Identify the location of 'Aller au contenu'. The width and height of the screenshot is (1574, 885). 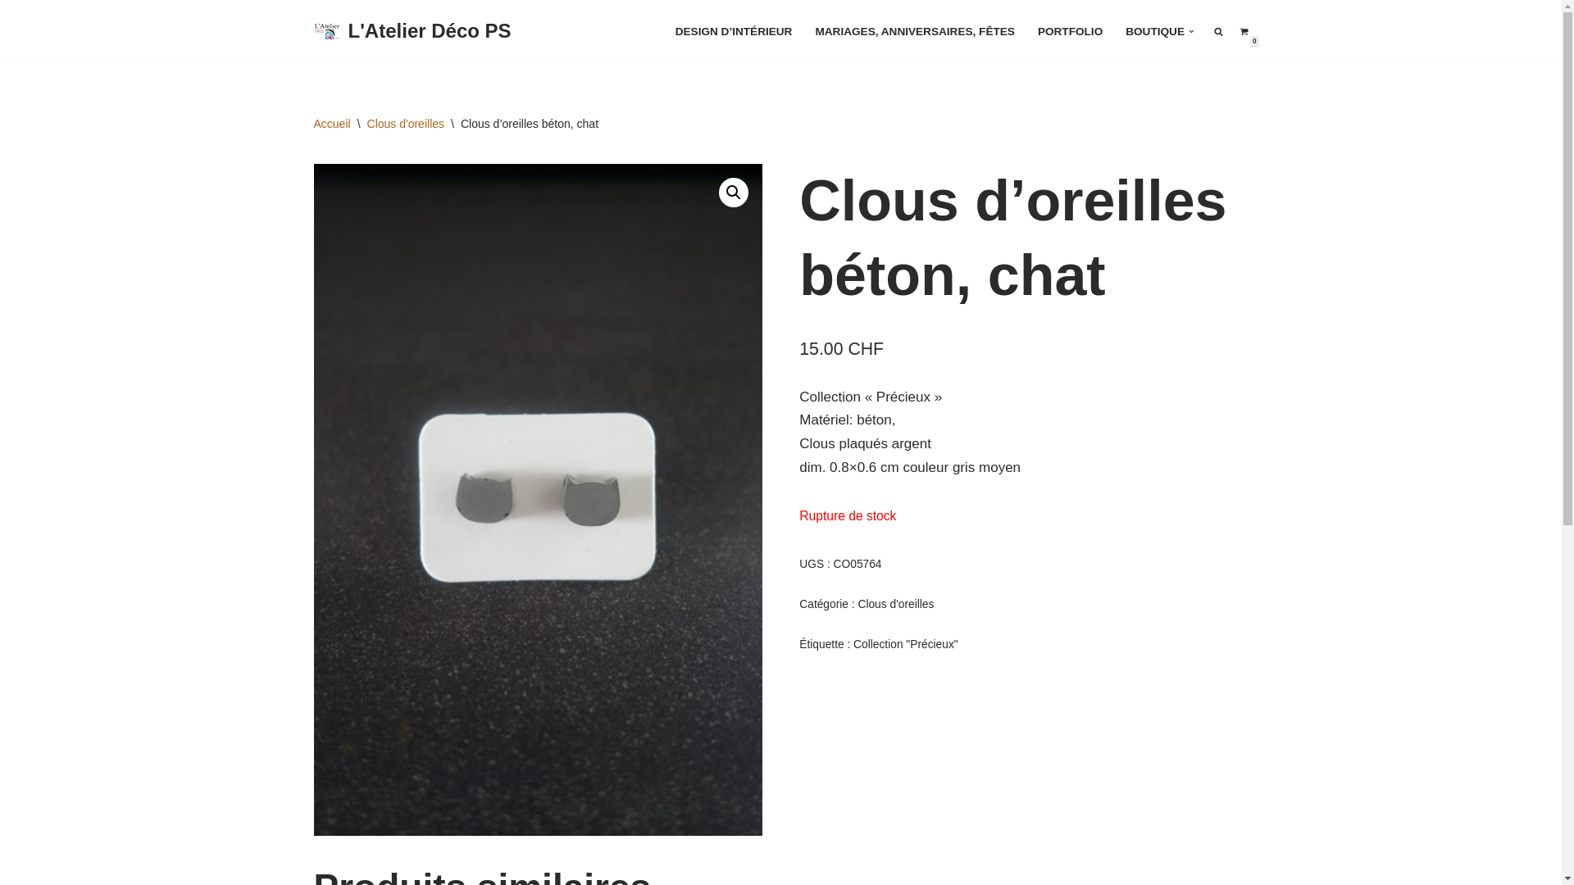
(11, 34).